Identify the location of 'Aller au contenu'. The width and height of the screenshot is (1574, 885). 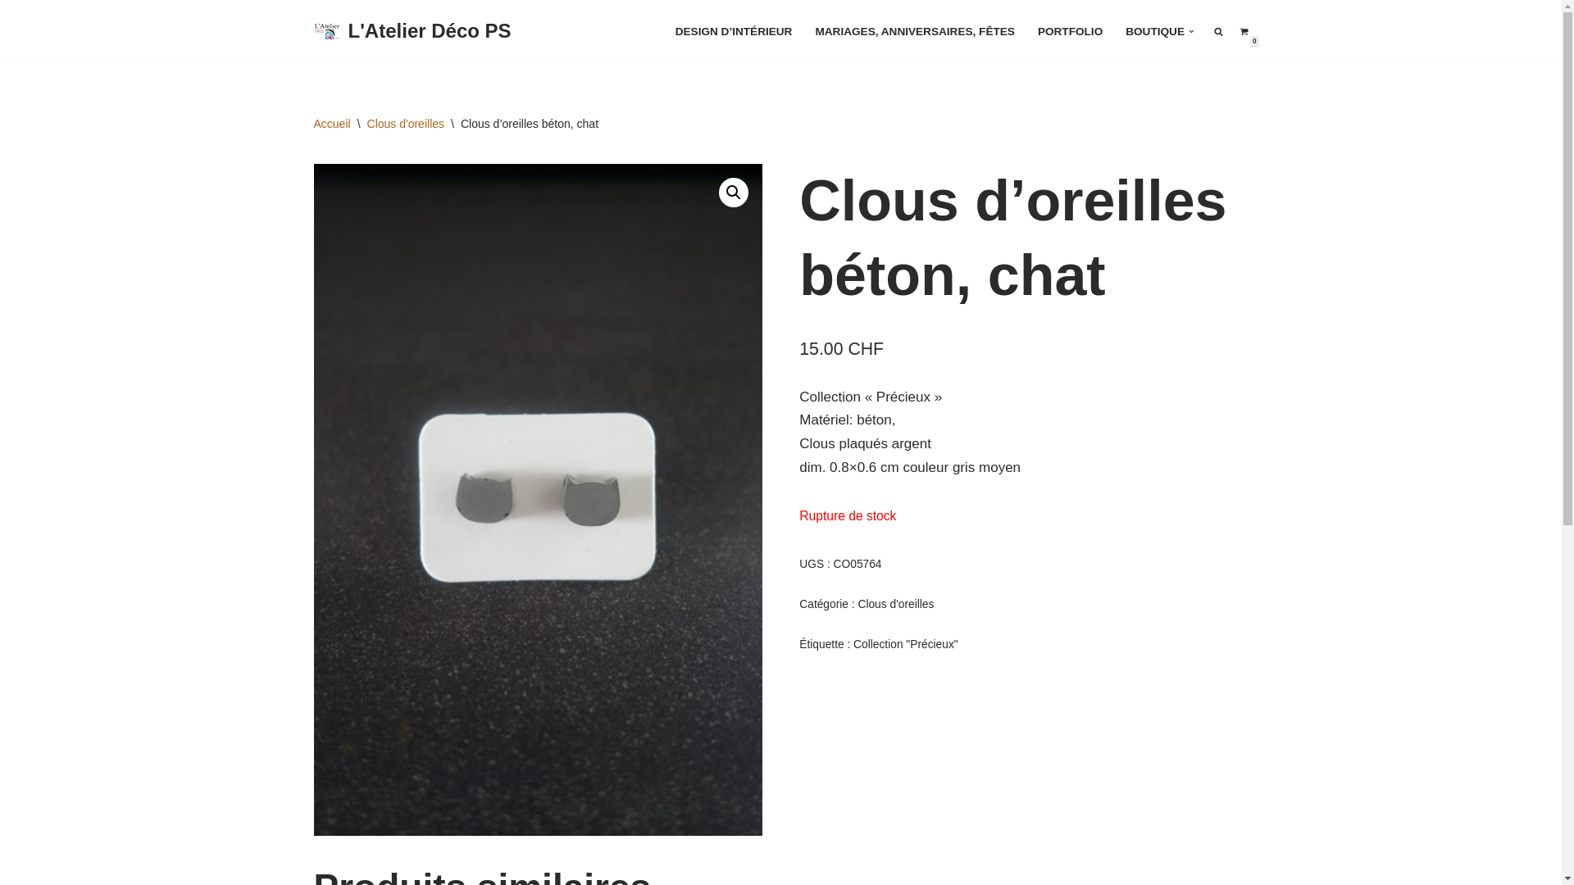
(11, 34).